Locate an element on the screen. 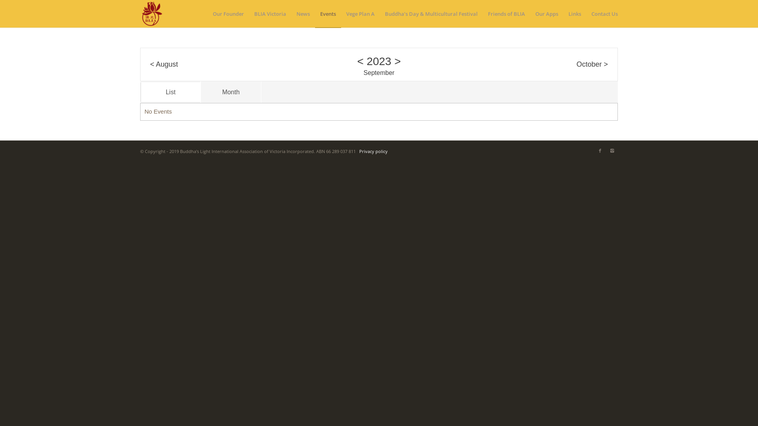  'Privacy policy' is located at coordinates (373, 151).